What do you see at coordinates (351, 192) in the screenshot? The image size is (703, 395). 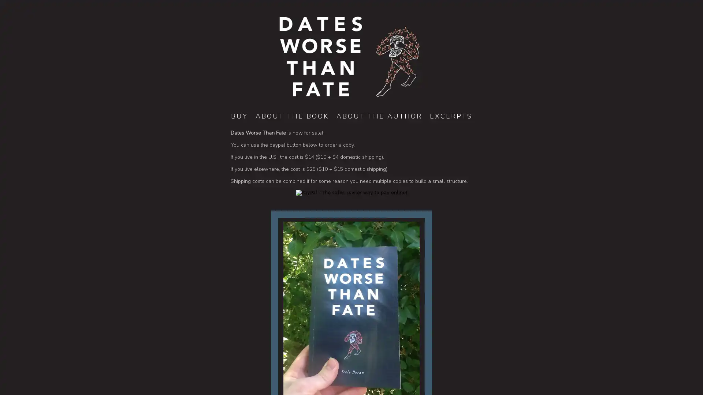 I see `PayPal - The safer, easier way to pay online!` at bounding box center [351, 192].